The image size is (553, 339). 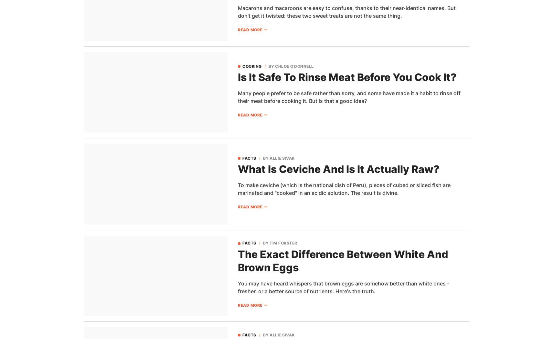 What do you see at coordinates (251, 65) in the screenshot?
I see `'Cooking'` at bounding box center [251, 65].